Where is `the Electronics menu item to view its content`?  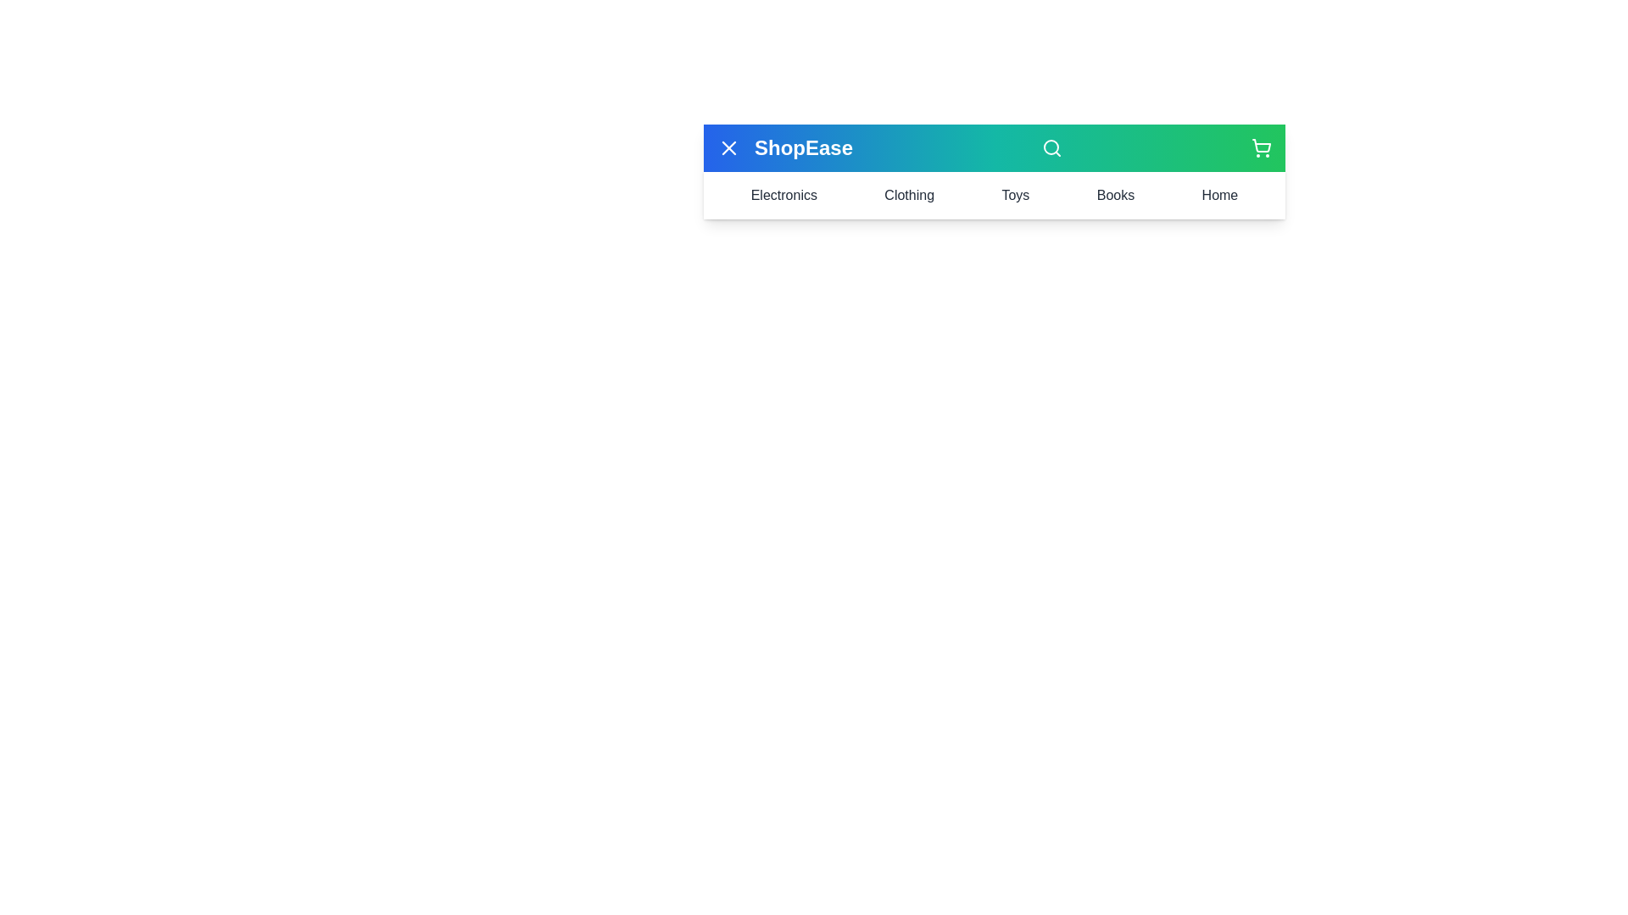
the Electronics menu item to view its content is located at coordinates (783, 195).